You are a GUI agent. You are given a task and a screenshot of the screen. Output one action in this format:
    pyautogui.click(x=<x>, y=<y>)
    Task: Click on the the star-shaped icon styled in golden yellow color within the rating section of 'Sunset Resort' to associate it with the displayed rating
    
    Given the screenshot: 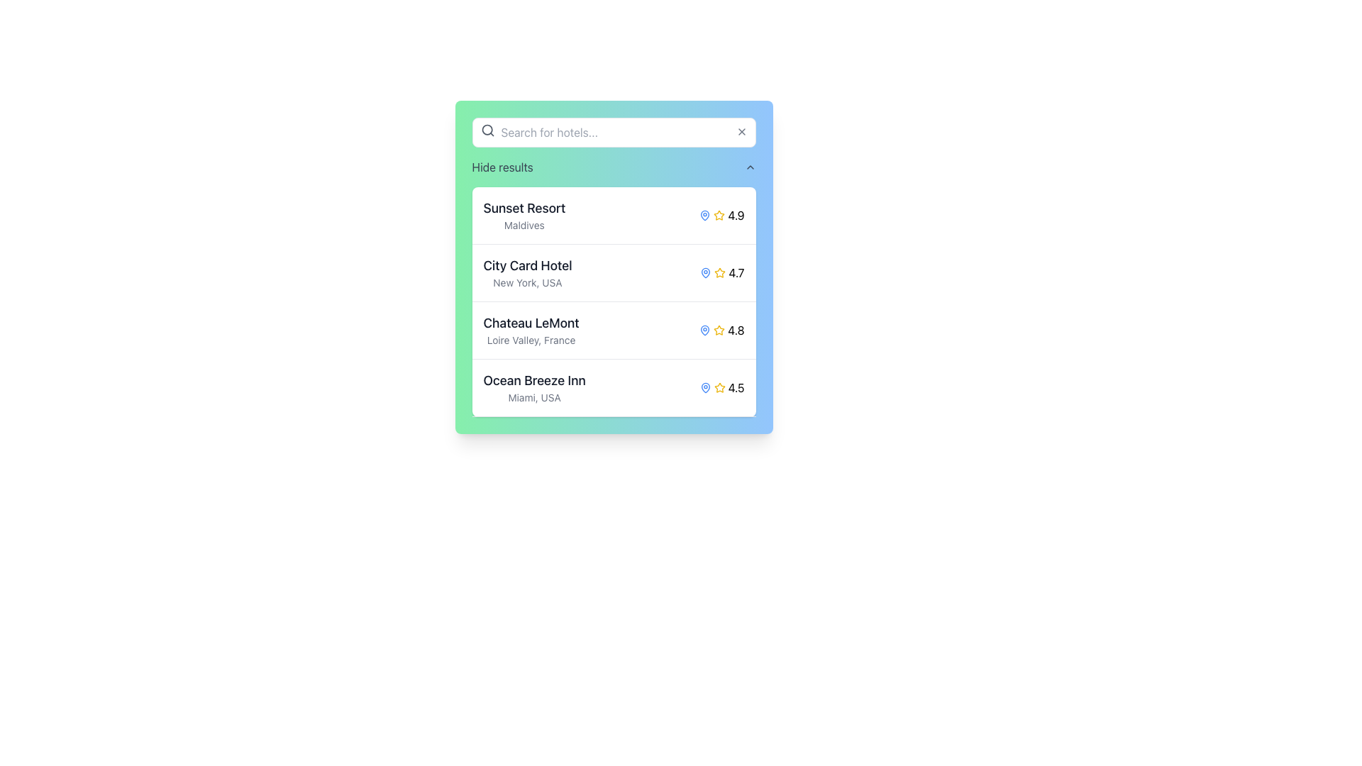 What is the action you would take?
    pyautogui.click(x=721, y=216)
    